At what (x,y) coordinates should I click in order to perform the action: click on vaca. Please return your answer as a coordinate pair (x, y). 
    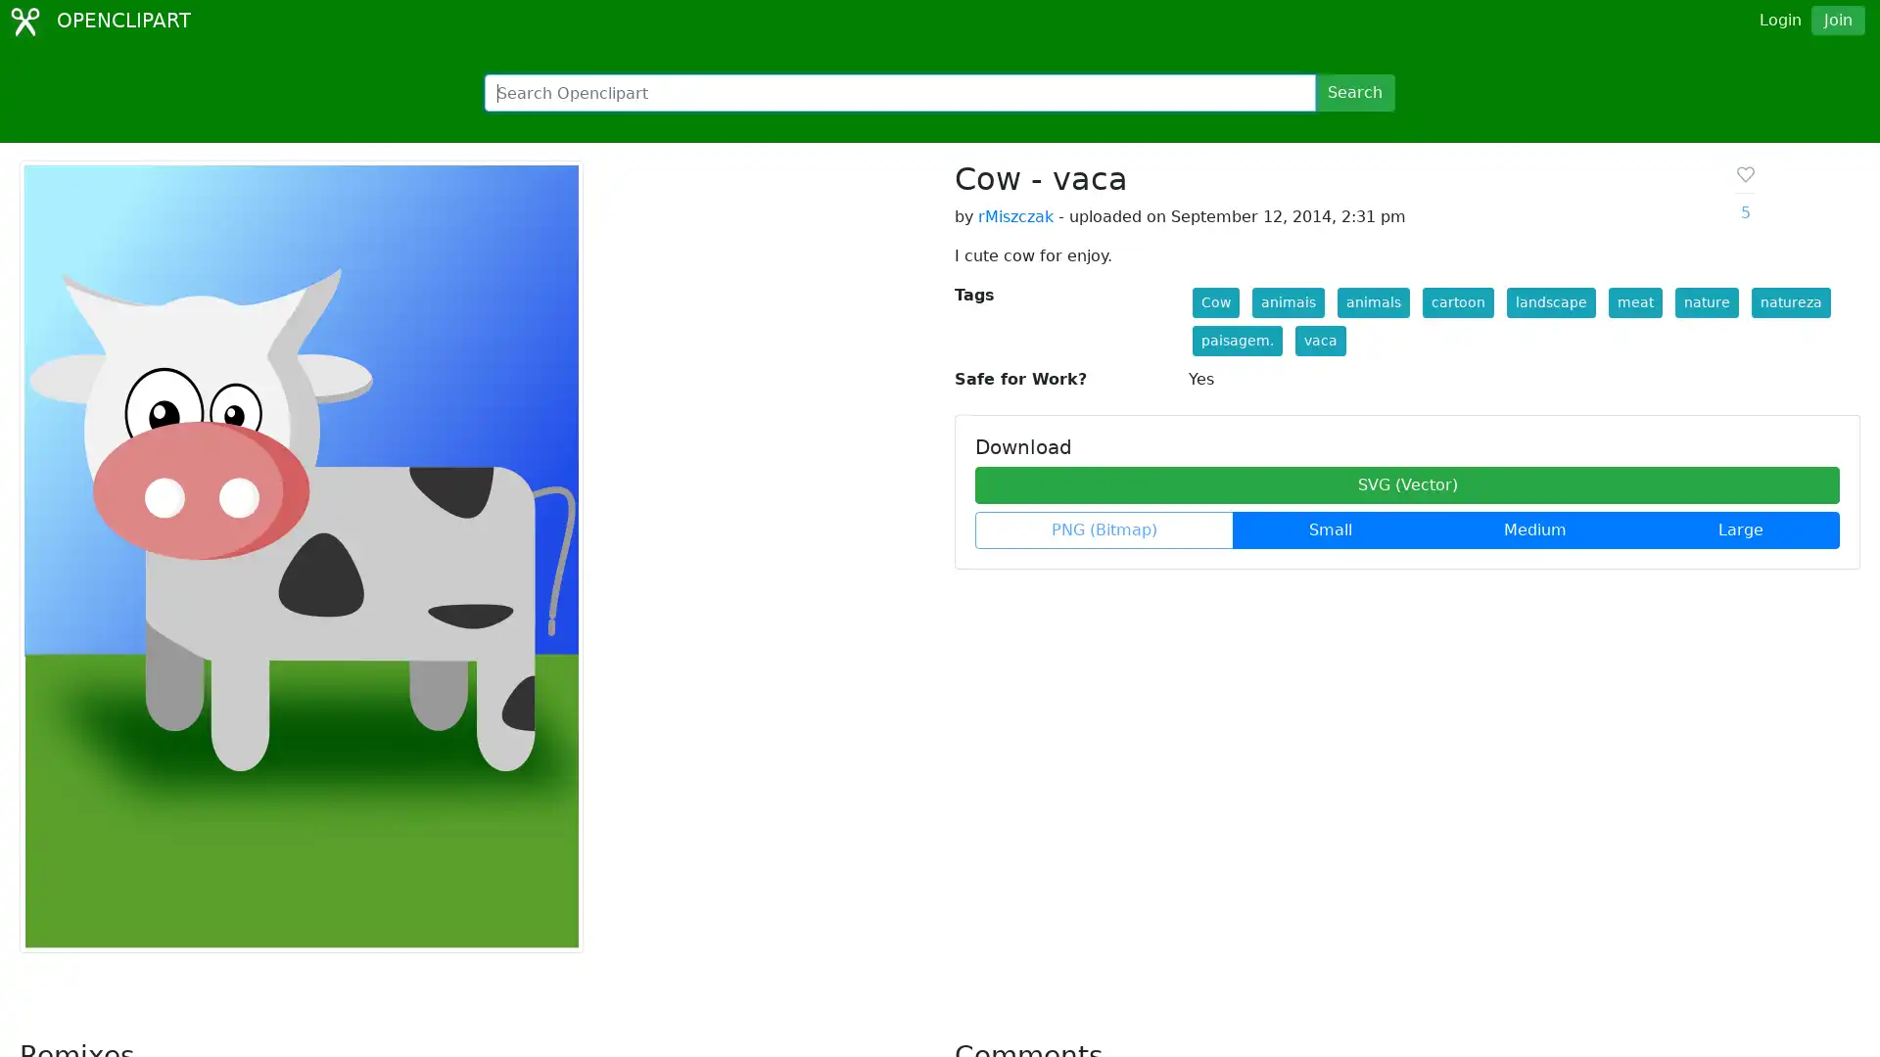
    Looking at the image, I should click on (1320, 340).